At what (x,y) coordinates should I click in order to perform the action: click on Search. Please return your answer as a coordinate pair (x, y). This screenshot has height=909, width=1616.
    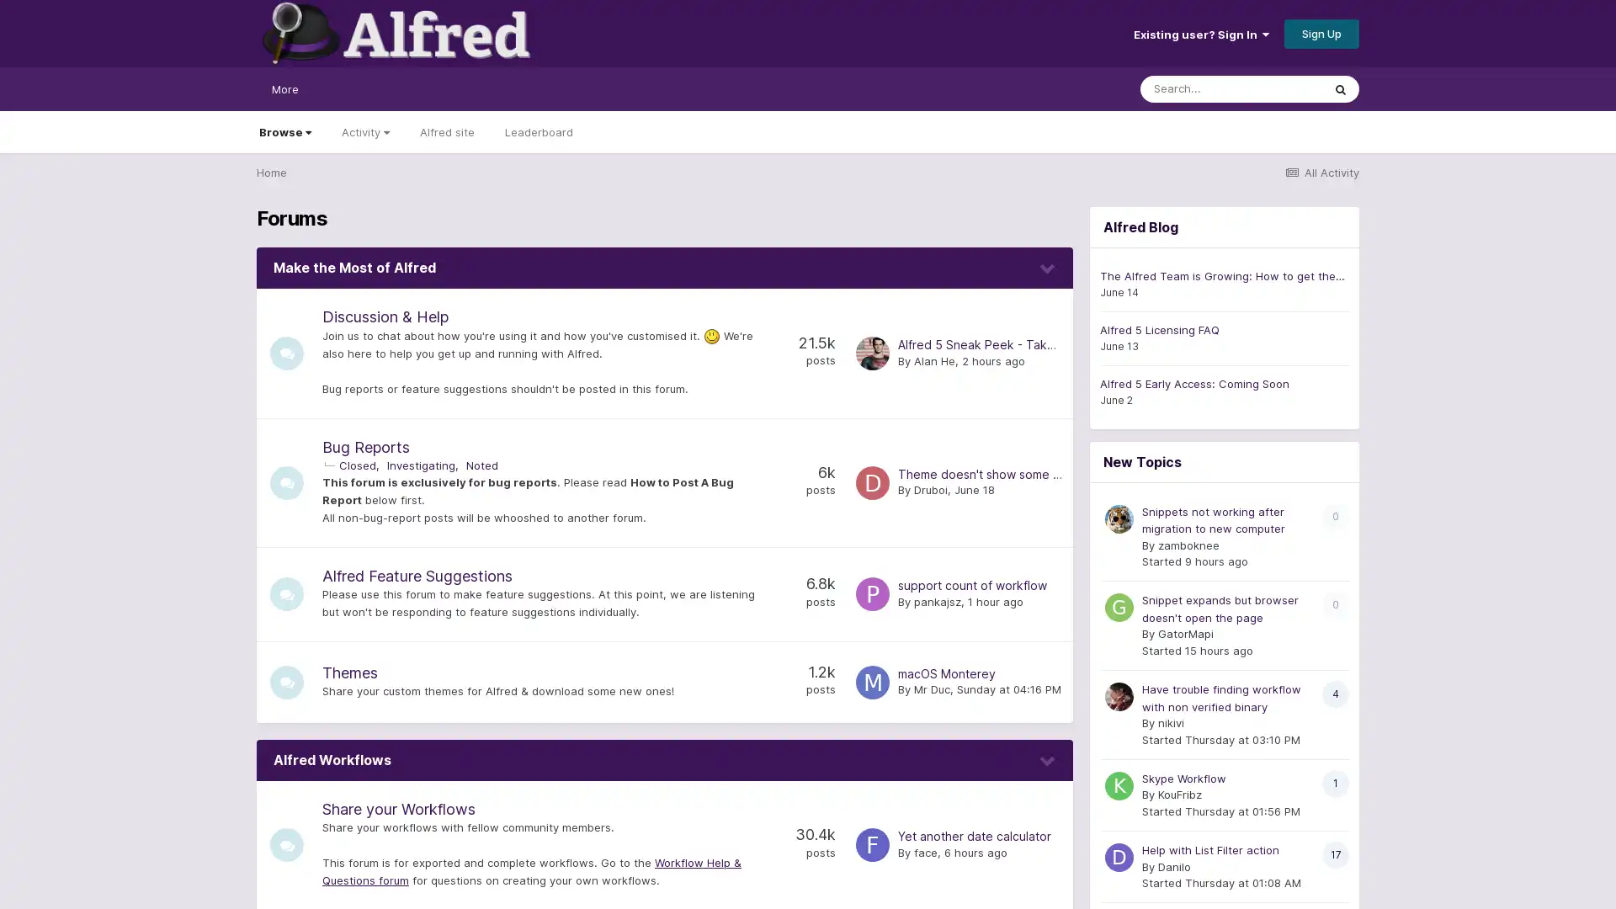
    Looking at the image, I should click on (1340, 88).